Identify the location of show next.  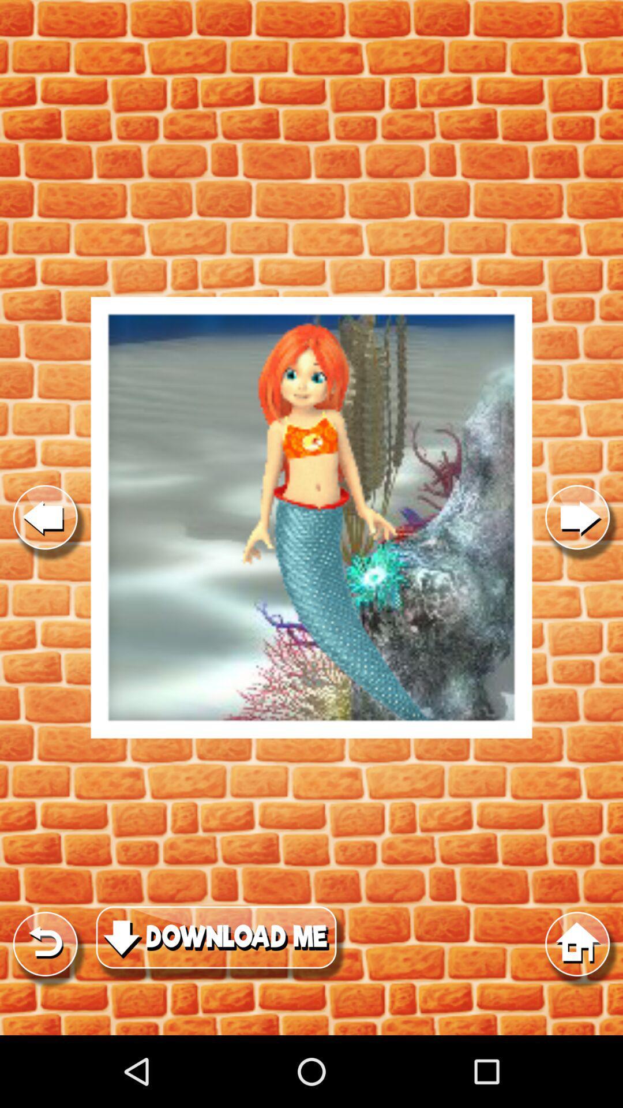
(577, 517).